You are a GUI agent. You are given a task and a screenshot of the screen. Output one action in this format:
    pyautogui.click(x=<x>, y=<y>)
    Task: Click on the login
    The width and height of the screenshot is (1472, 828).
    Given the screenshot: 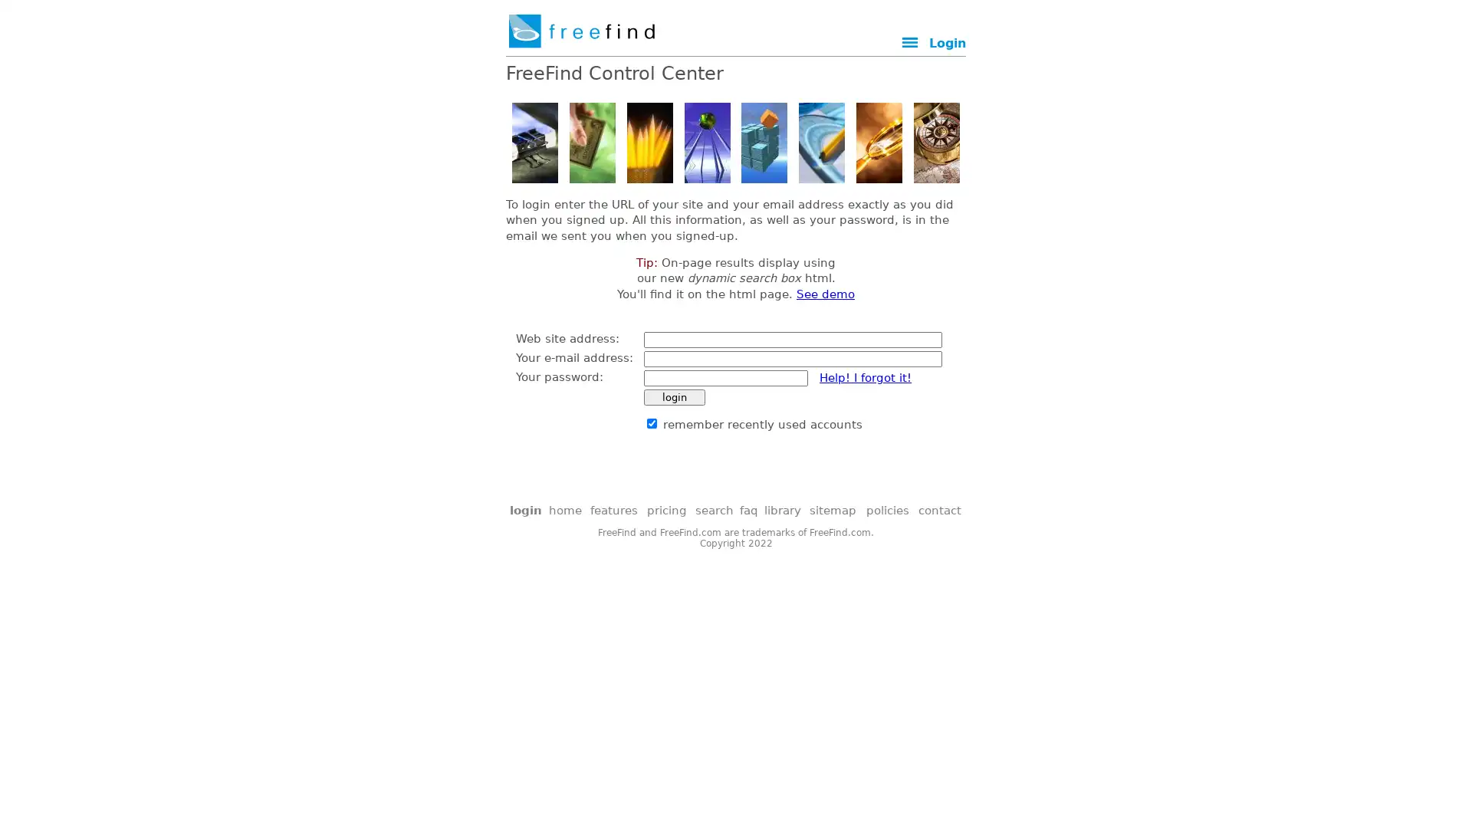 What is the action you would take?
    pyautogui.click(x=674, y=396)
    